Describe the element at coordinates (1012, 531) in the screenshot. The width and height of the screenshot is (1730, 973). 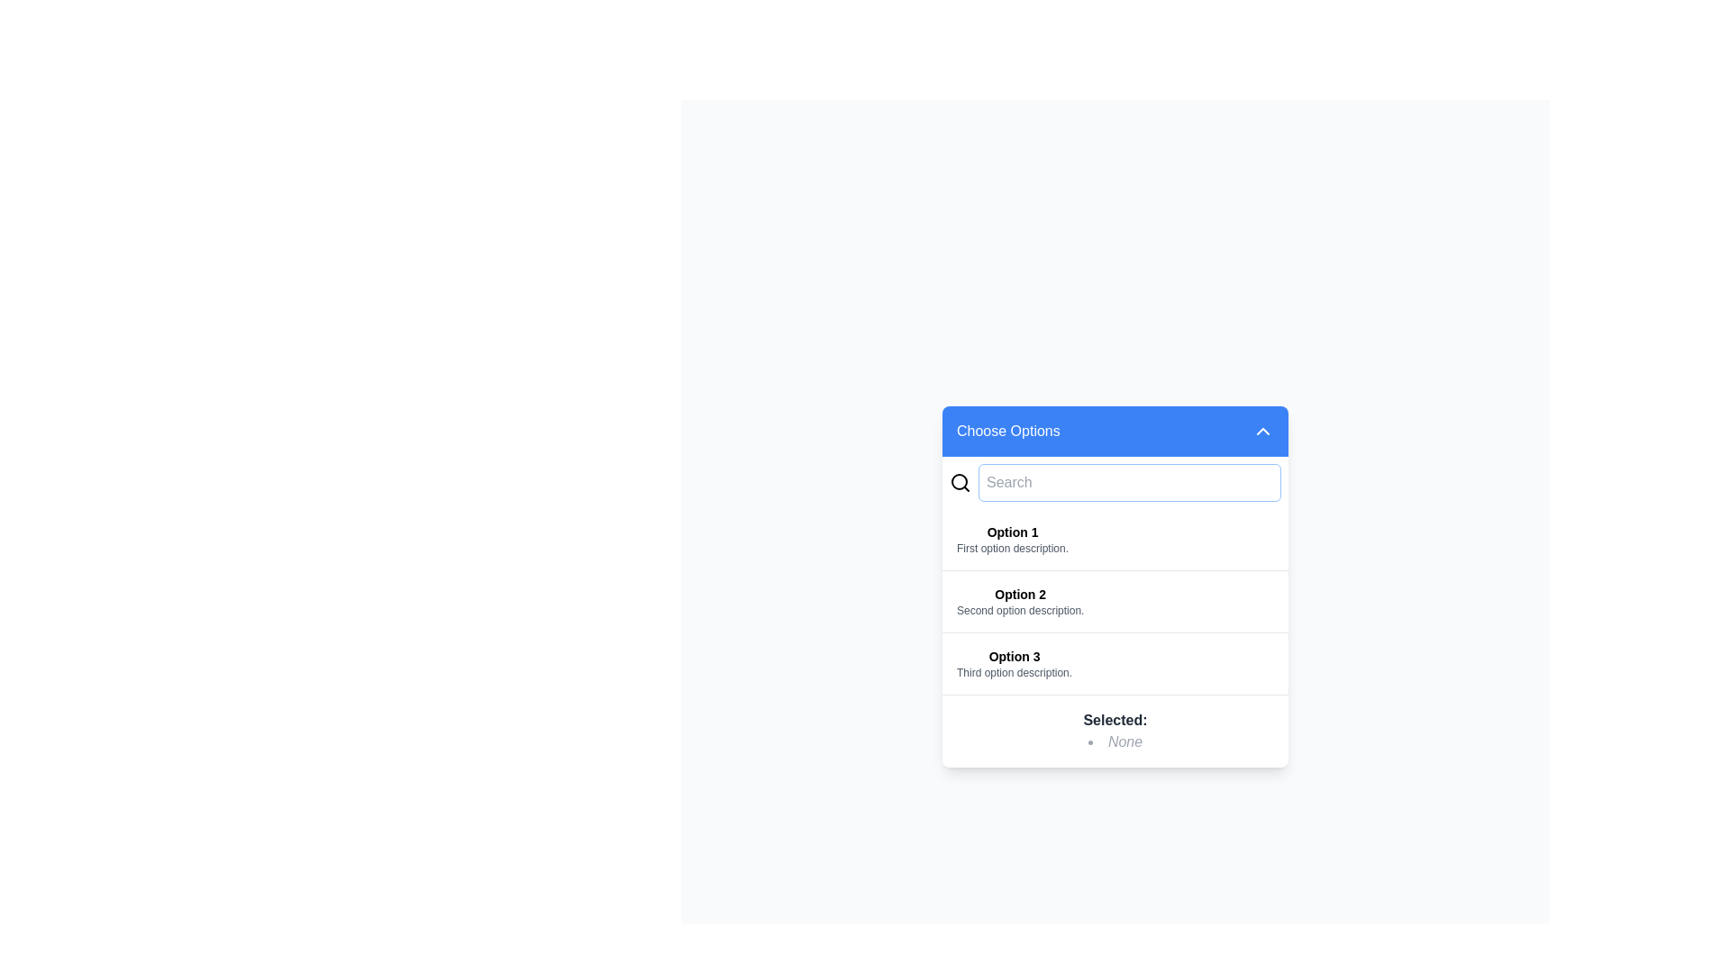
I see `the text label displaying 'Option 1', which is the first selectable option in a dropdown menu` at that location.